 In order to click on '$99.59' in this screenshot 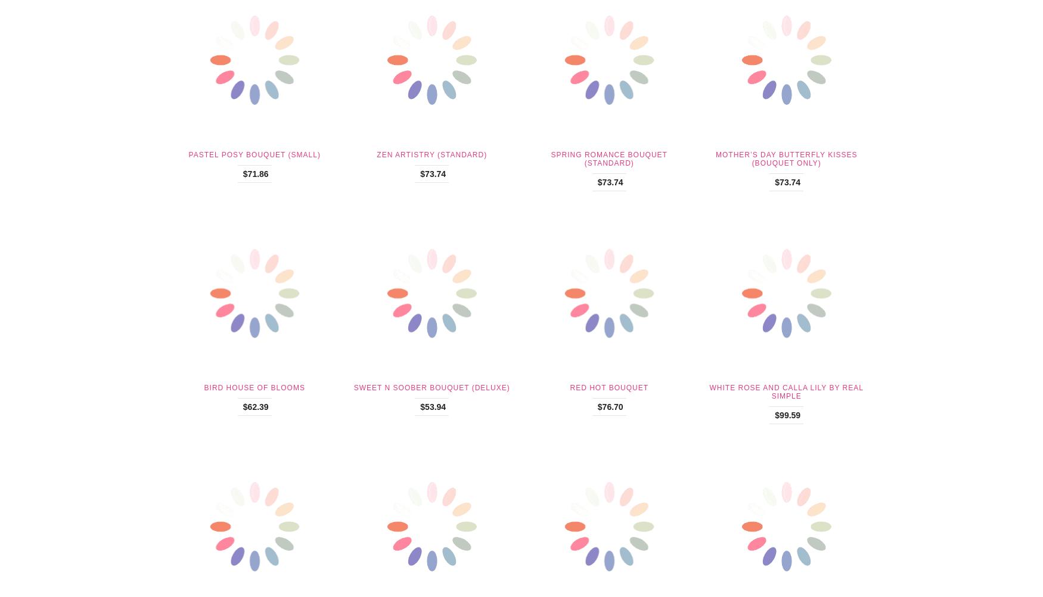, I will do `click(787, 415)`.